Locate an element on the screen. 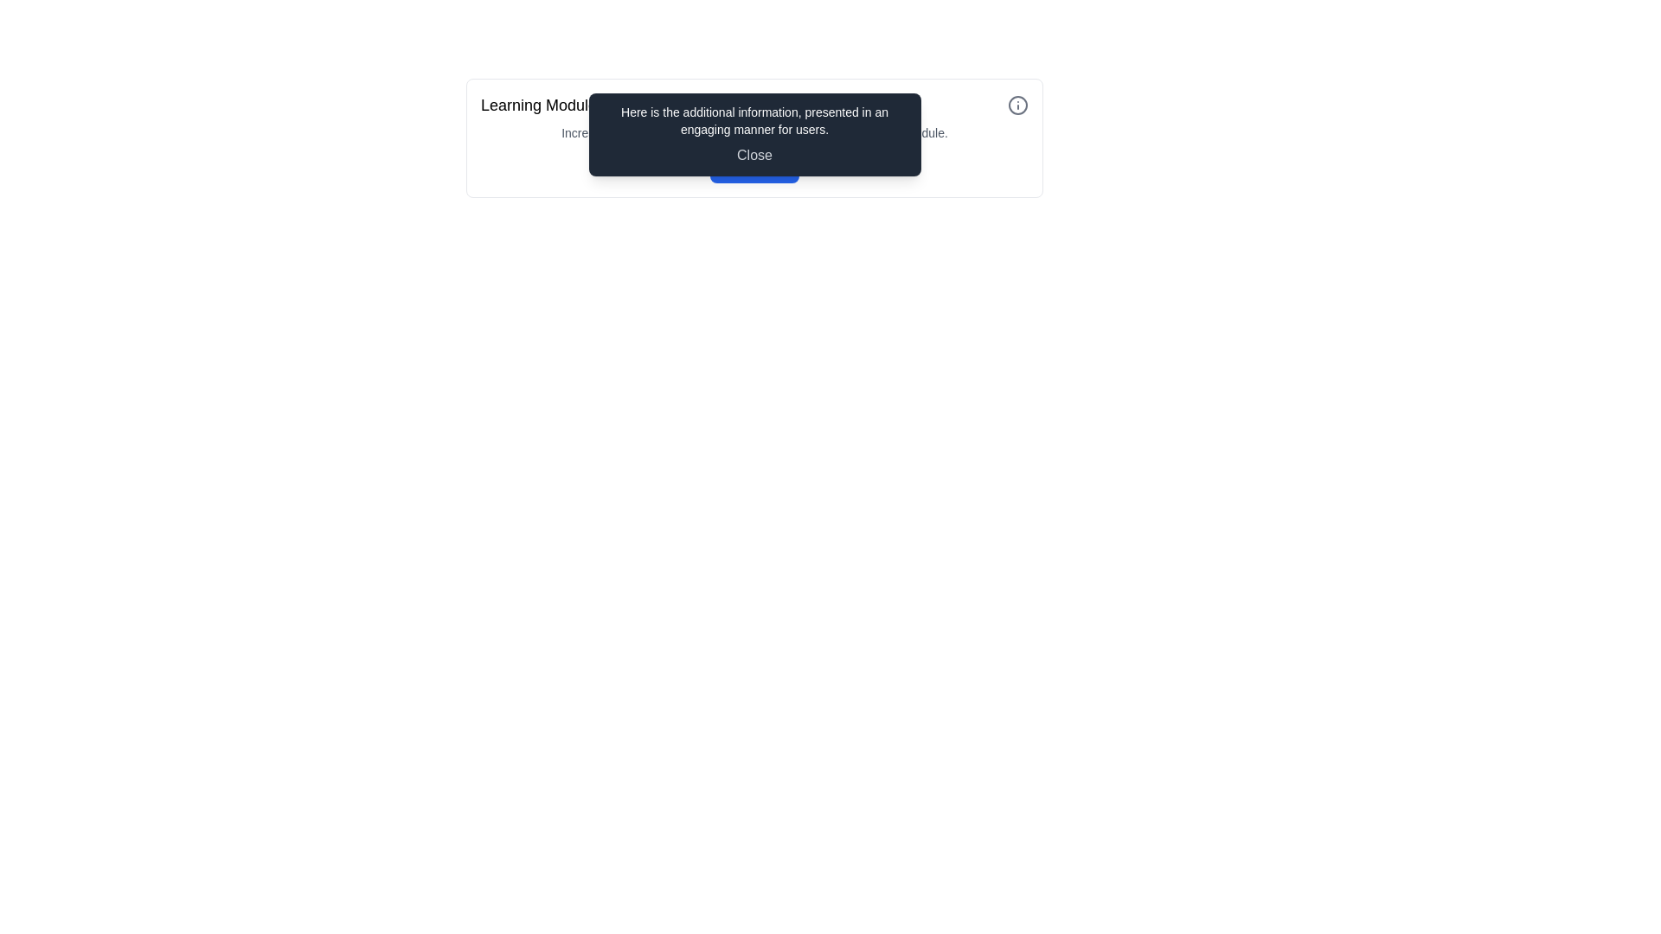  the 'Close' link on the Informative modal dialog is located at coordinates (754, 137).